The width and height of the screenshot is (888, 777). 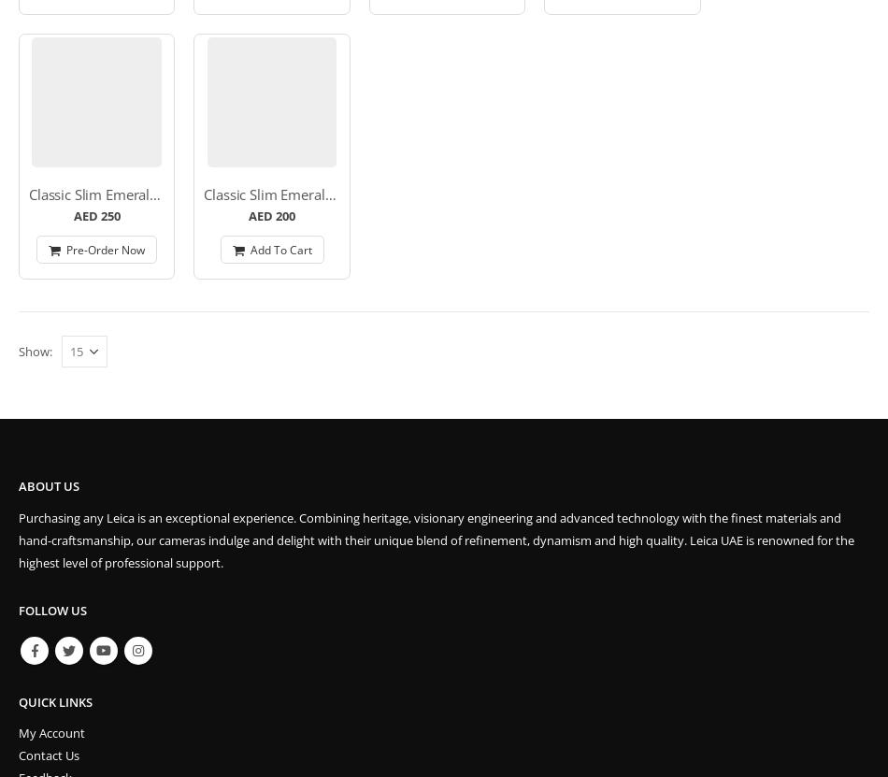 What do you see at coordinates (109, 216) in the screenshot?
I see `'250'` at bounding box center [109, 216].